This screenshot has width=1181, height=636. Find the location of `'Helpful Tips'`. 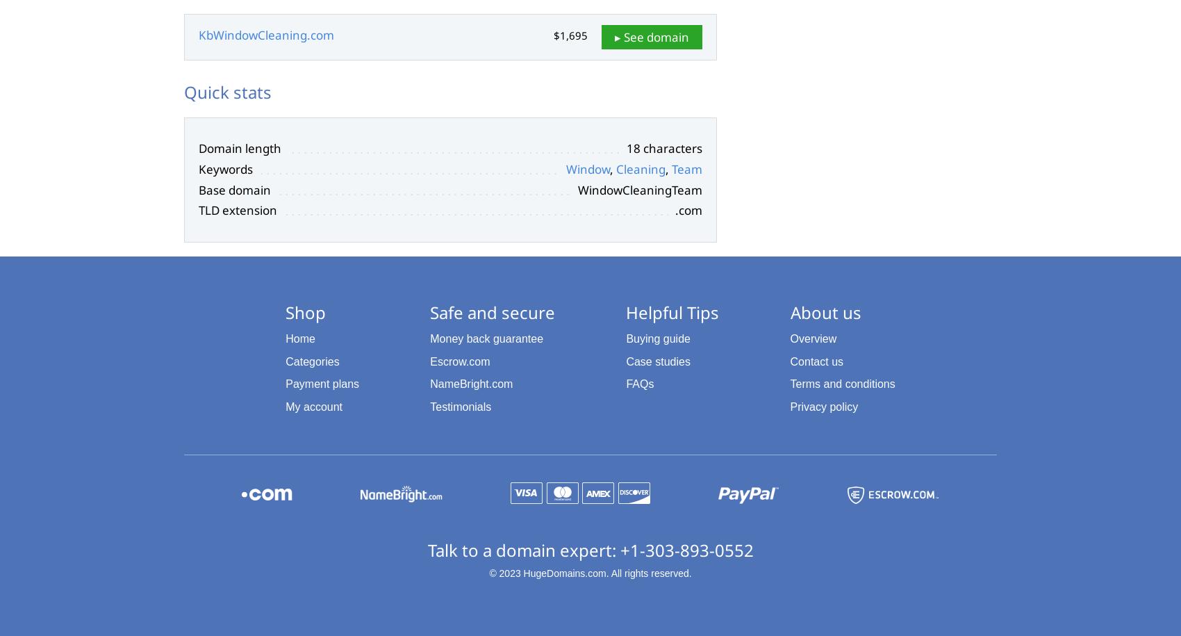

'Helpful Tips' is located at coordinates (671, 311).